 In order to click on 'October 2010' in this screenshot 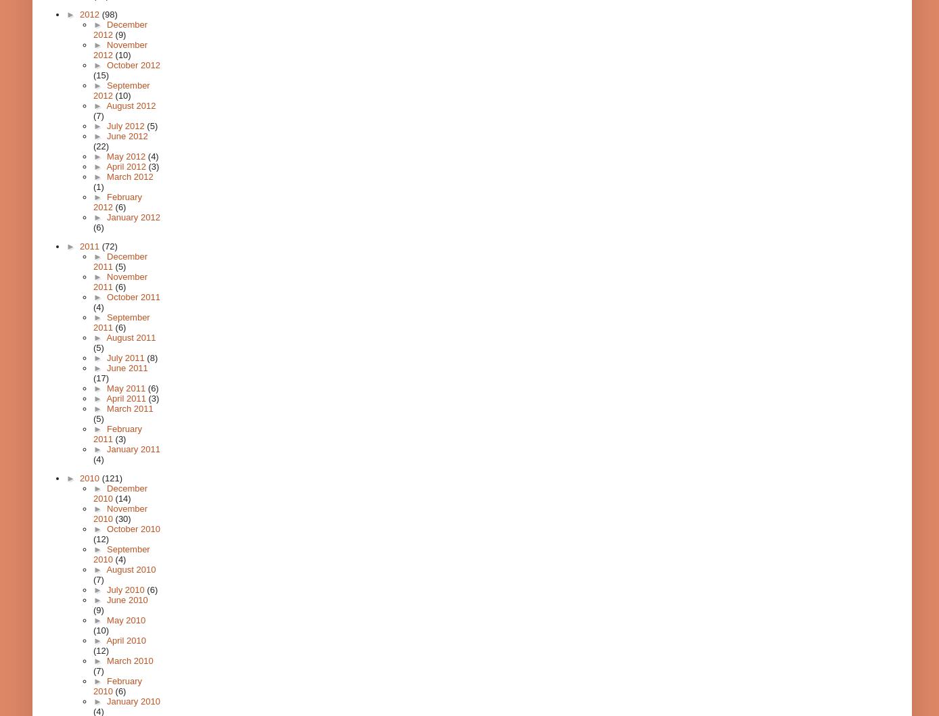, I will do `click(132, 528)`.